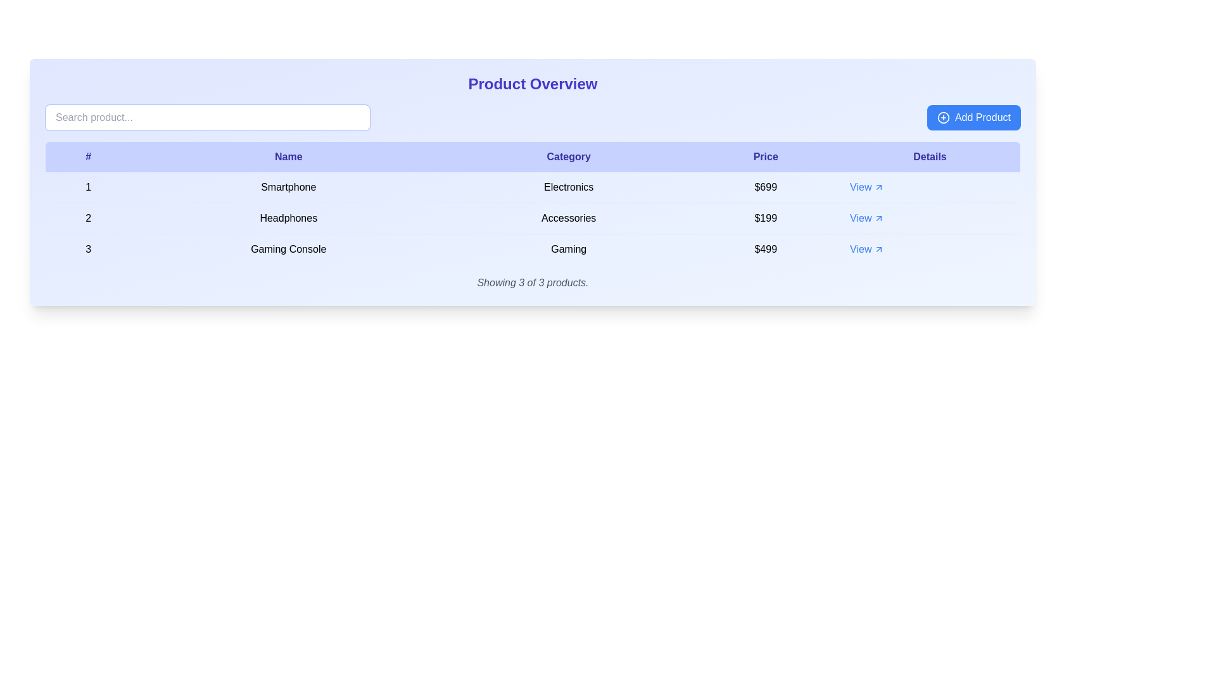  Describe the element at coordinates (288, 187) in the screenshot. I see `text content of the label displaying 'Smartphone' in a light gray background, located in the 'Name' column of the first data row in the table` at that location.